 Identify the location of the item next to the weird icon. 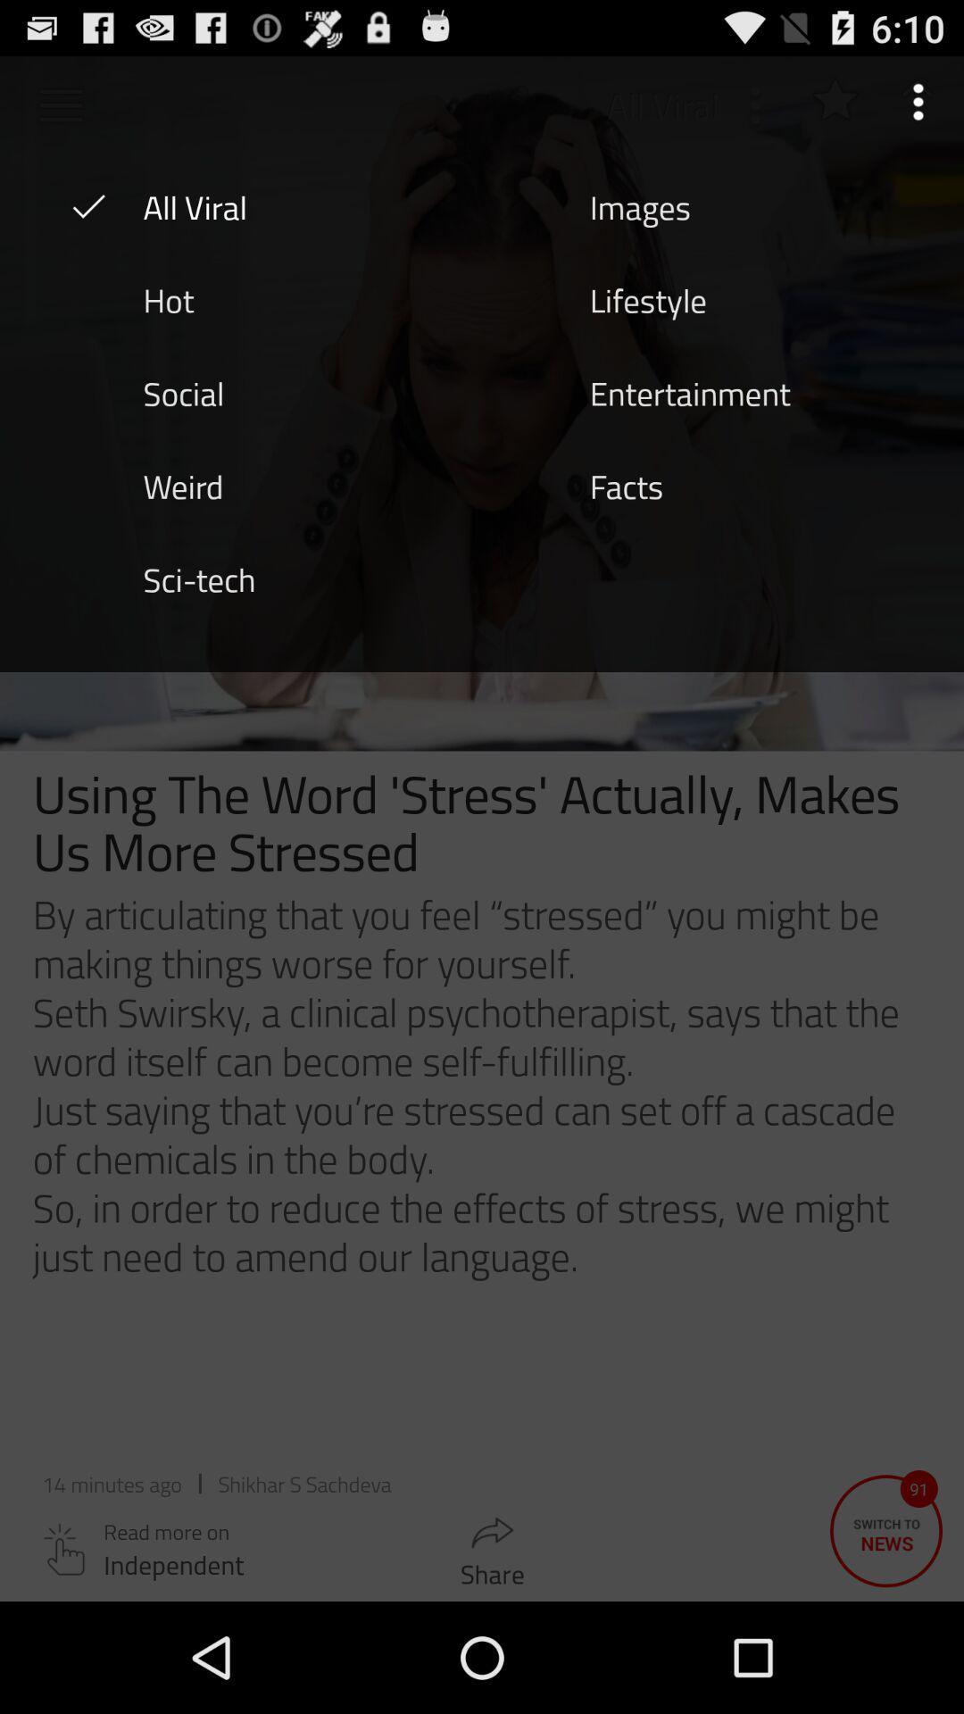
(626, 485).